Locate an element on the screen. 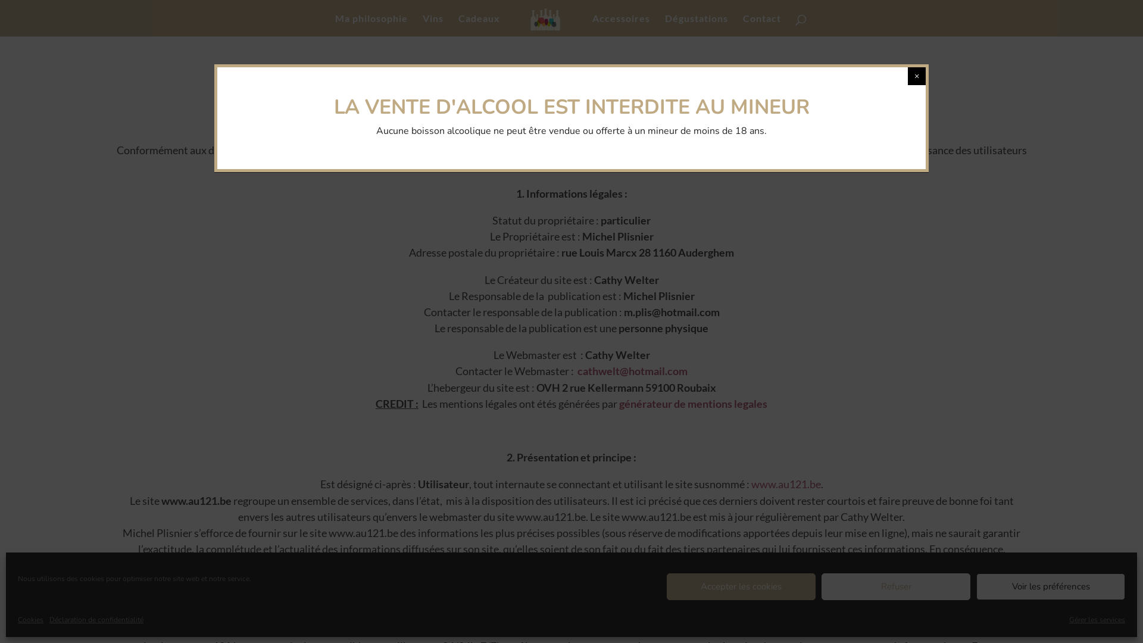 This screenshot has height=643, width=1143. 'Cadeaux' is located at coordinates (479, 25).